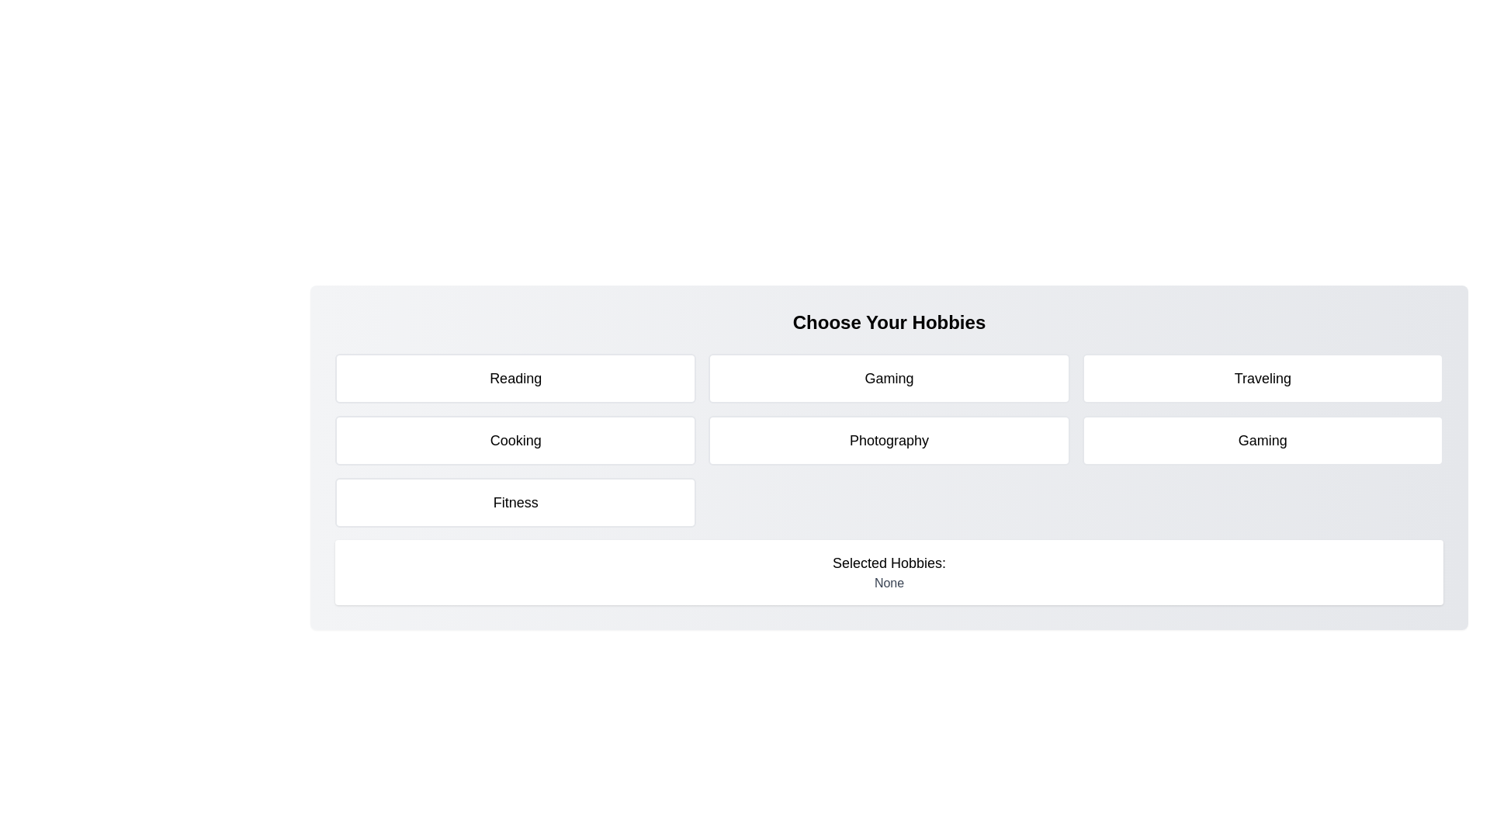 The image size is (1490, 838). I want to click on the tile representing the hobby Fitness to toggle its selection, so click(515, 503).